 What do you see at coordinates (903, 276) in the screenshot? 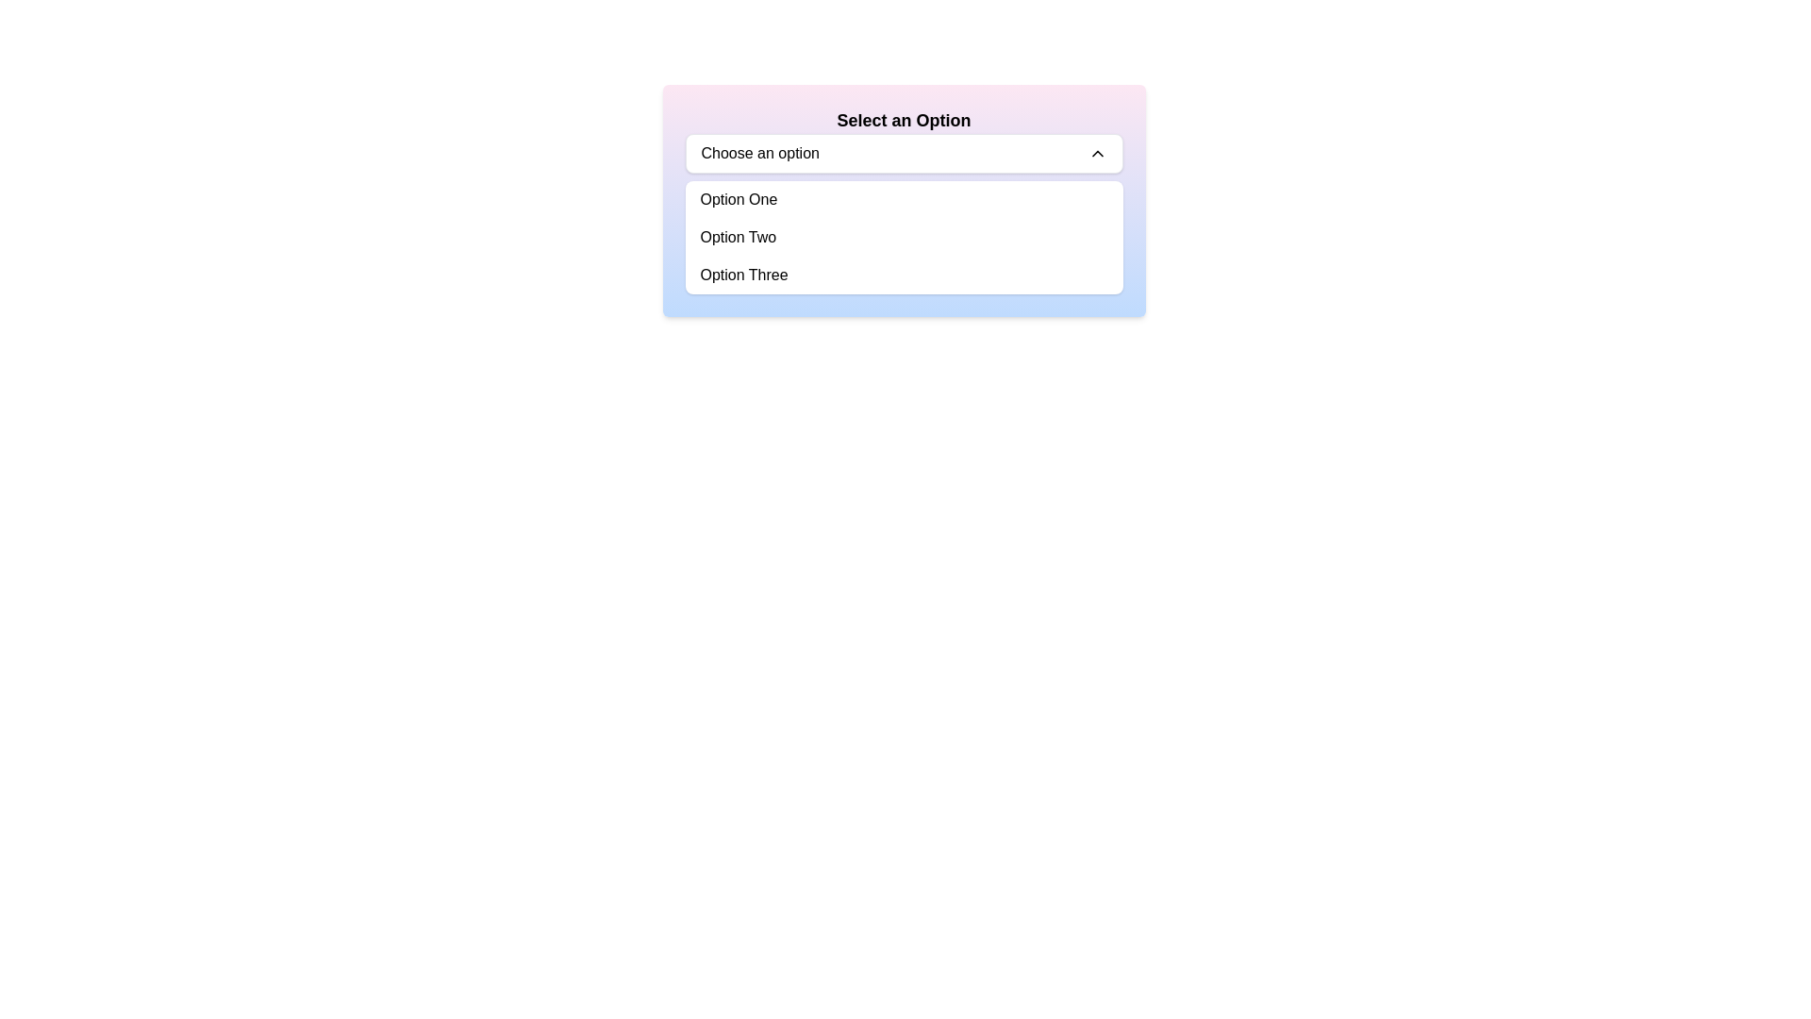
I see `the third option in the dropdown menu labeled 'Select an Option'` at bounding box center [903, 276].